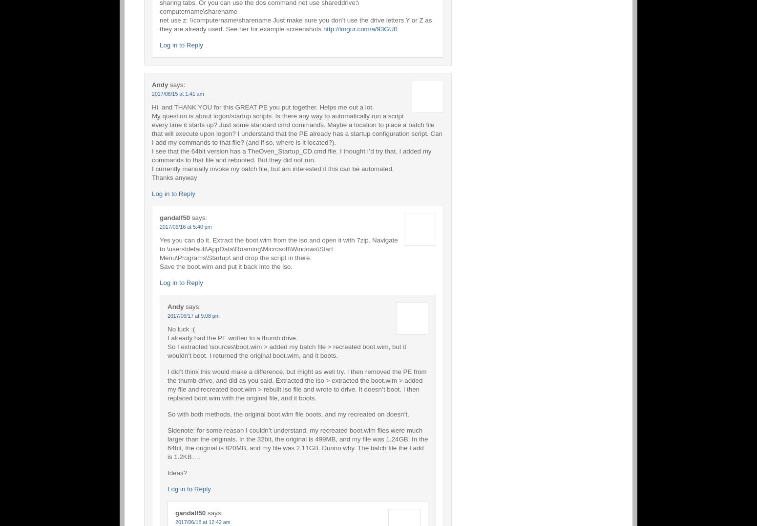 The height and width of the screenshot is (526, 757). Describe the element at coordinates (167, 337) in the screenshot. I see `'I already had the PE written to a thumb drive.'` at that location.